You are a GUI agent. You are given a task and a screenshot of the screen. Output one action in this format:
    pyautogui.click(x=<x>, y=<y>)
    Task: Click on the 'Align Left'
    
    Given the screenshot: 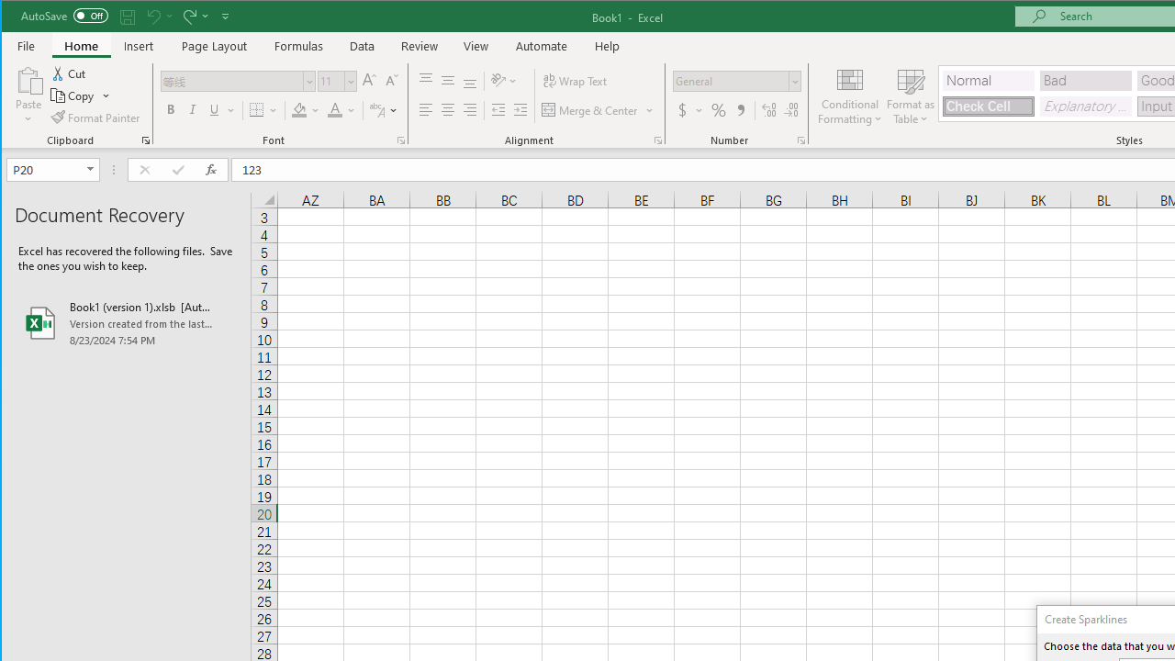 What is the action you would take?
    pyautogui.click(x=425, y=110)
    